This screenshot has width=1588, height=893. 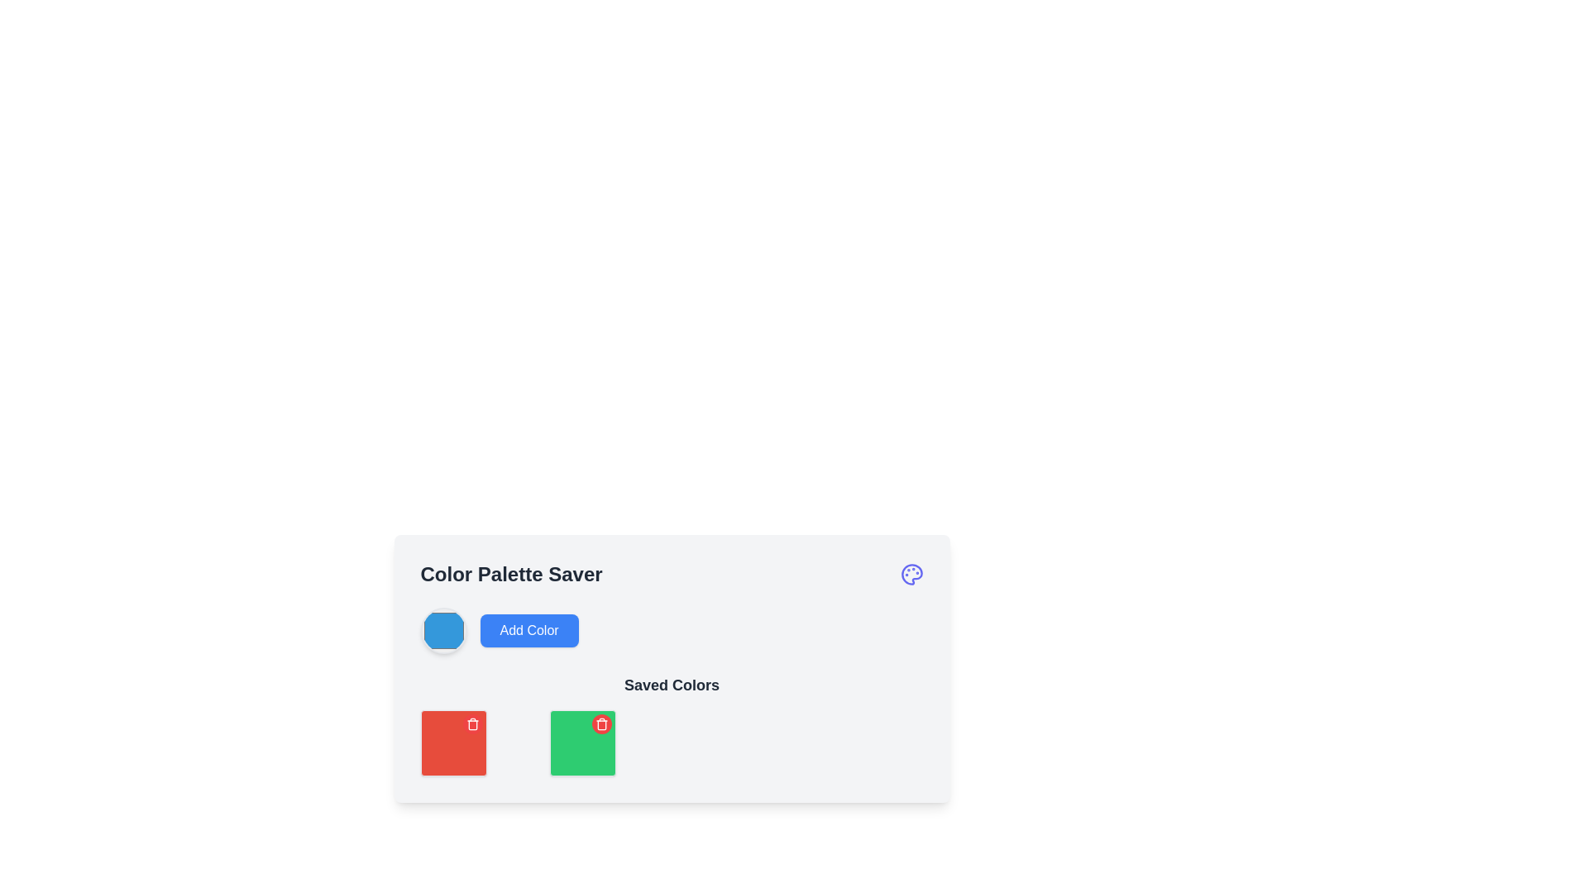 What do you see at coordinates (672, 685) in the screenshot?
I see `text of the static label titled 'Saved Colors', which serves as a heading for the section it represents` at bounding box center [672, 685].